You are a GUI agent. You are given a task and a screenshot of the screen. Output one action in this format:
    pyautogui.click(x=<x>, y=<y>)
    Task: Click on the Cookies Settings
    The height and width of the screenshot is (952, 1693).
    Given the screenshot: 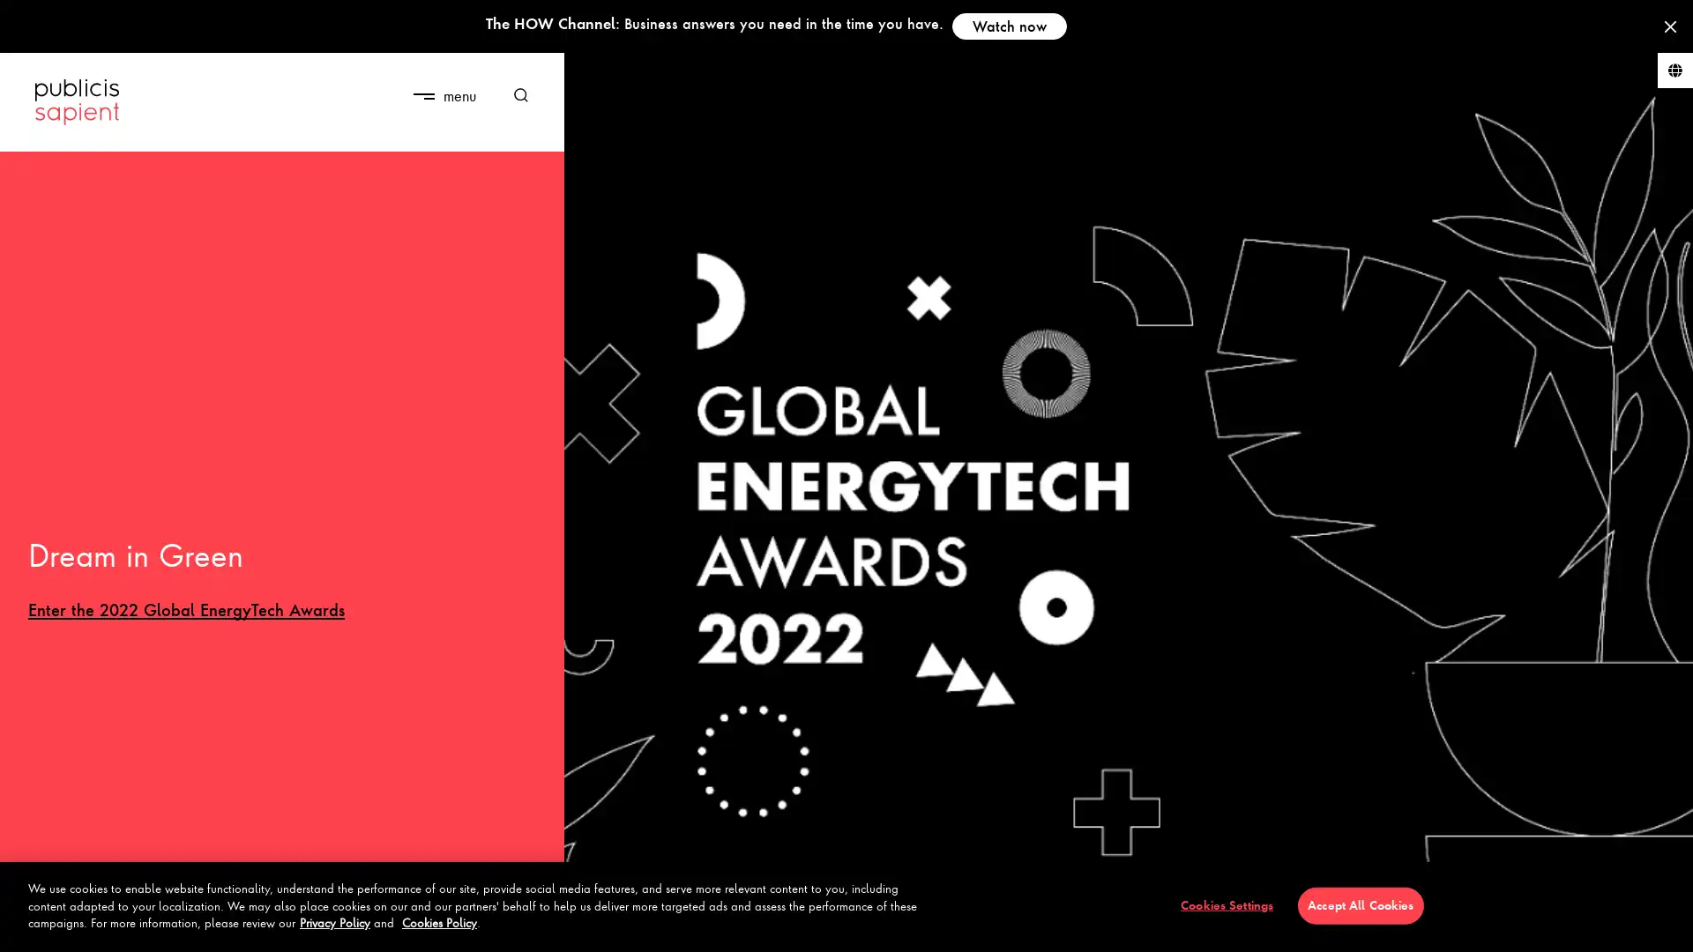 What is the action you would take?
    pyautogui.click(x=1226, y=904)
    